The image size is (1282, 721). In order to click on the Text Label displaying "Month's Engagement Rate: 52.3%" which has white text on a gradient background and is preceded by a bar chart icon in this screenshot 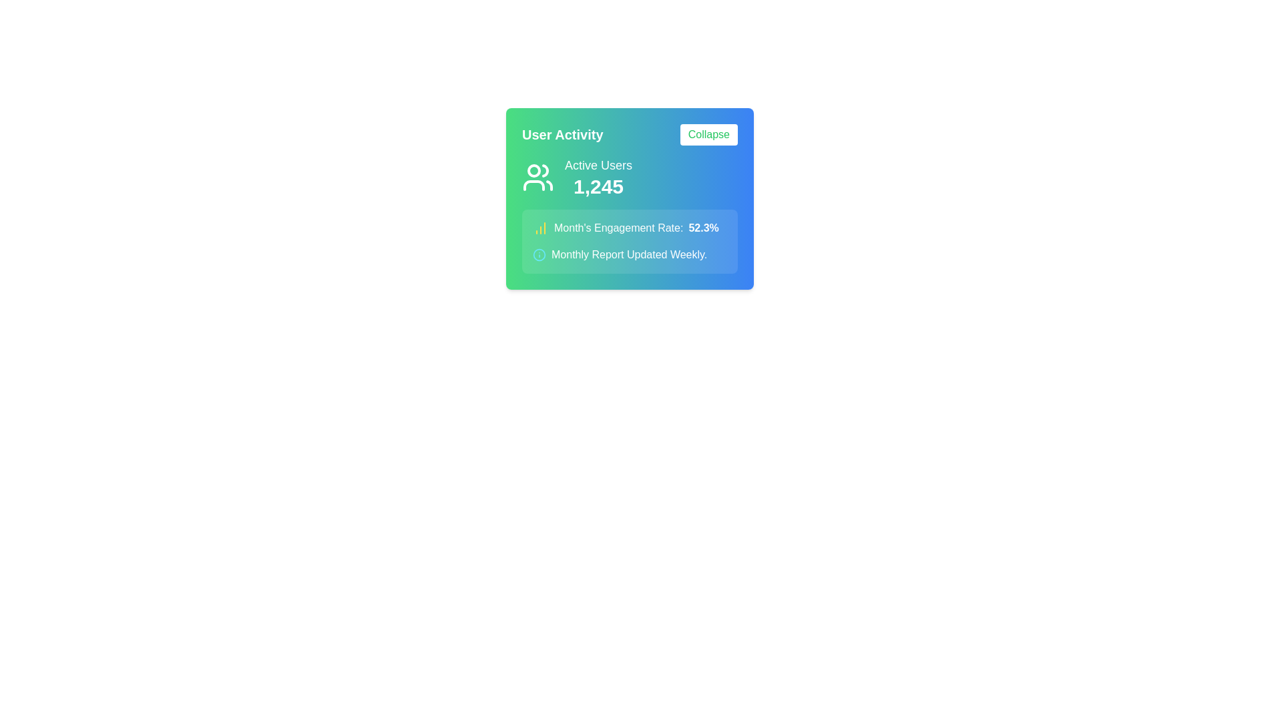, I will do `click(629, 228)`.